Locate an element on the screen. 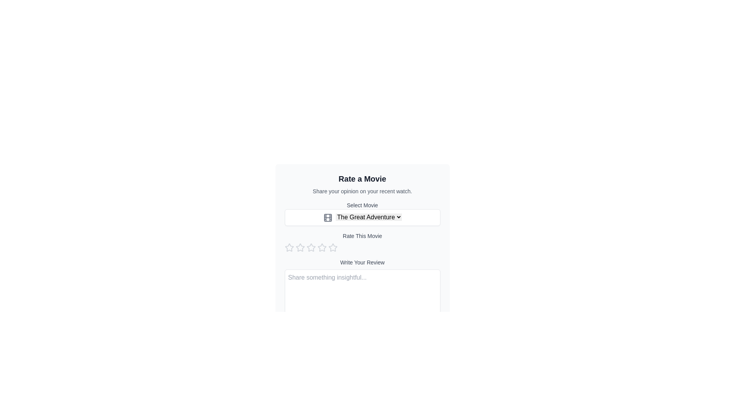  the fourth star-shaped icon in the rating system is located at coordinates (322, 247).